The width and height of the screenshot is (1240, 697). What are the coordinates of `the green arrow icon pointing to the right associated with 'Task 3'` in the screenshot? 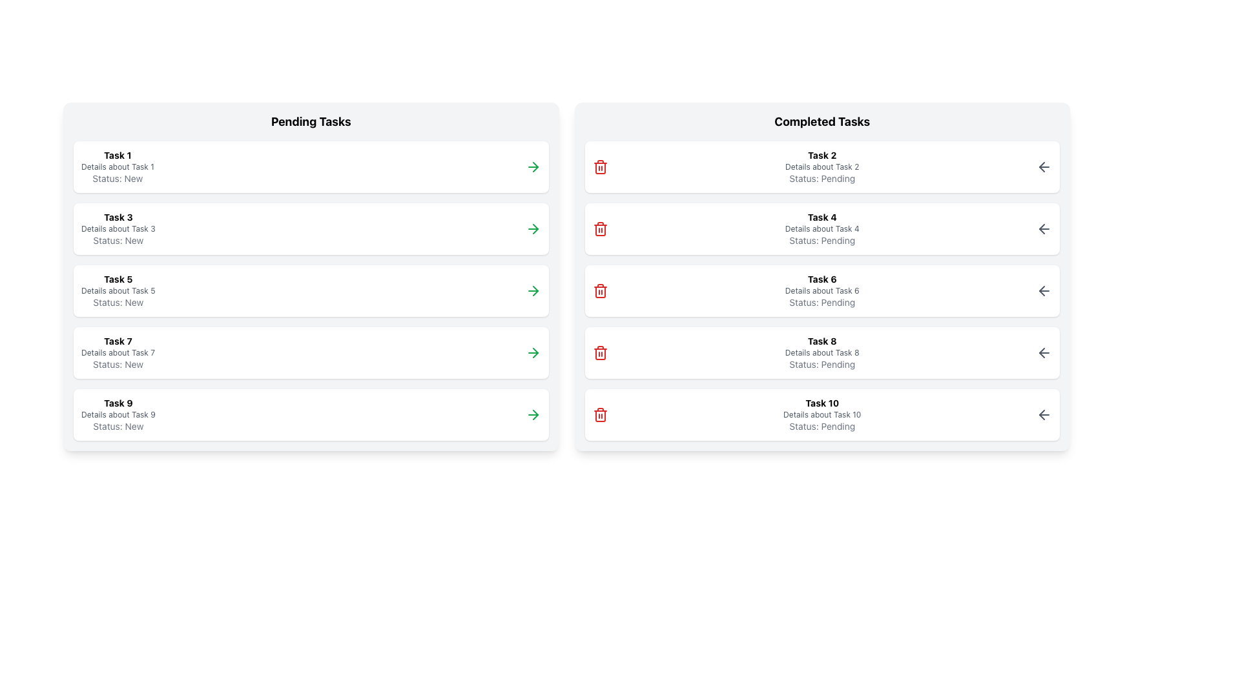 It's located at (533, 228).